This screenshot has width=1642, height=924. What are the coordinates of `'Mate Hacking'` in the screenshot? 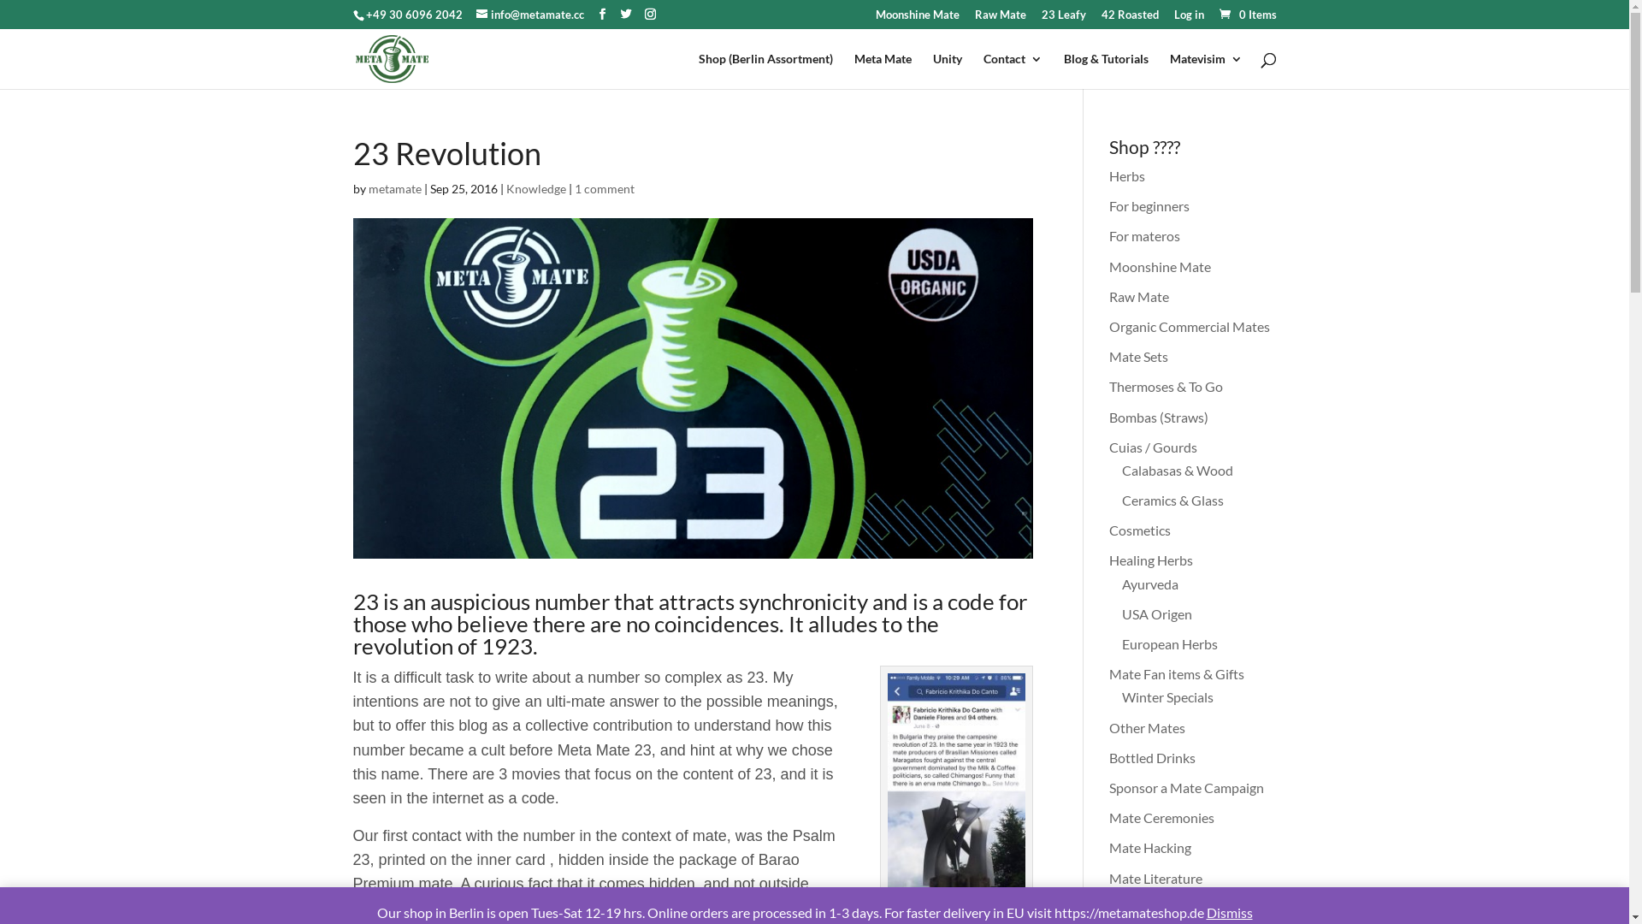 It's located at (1149, 847).